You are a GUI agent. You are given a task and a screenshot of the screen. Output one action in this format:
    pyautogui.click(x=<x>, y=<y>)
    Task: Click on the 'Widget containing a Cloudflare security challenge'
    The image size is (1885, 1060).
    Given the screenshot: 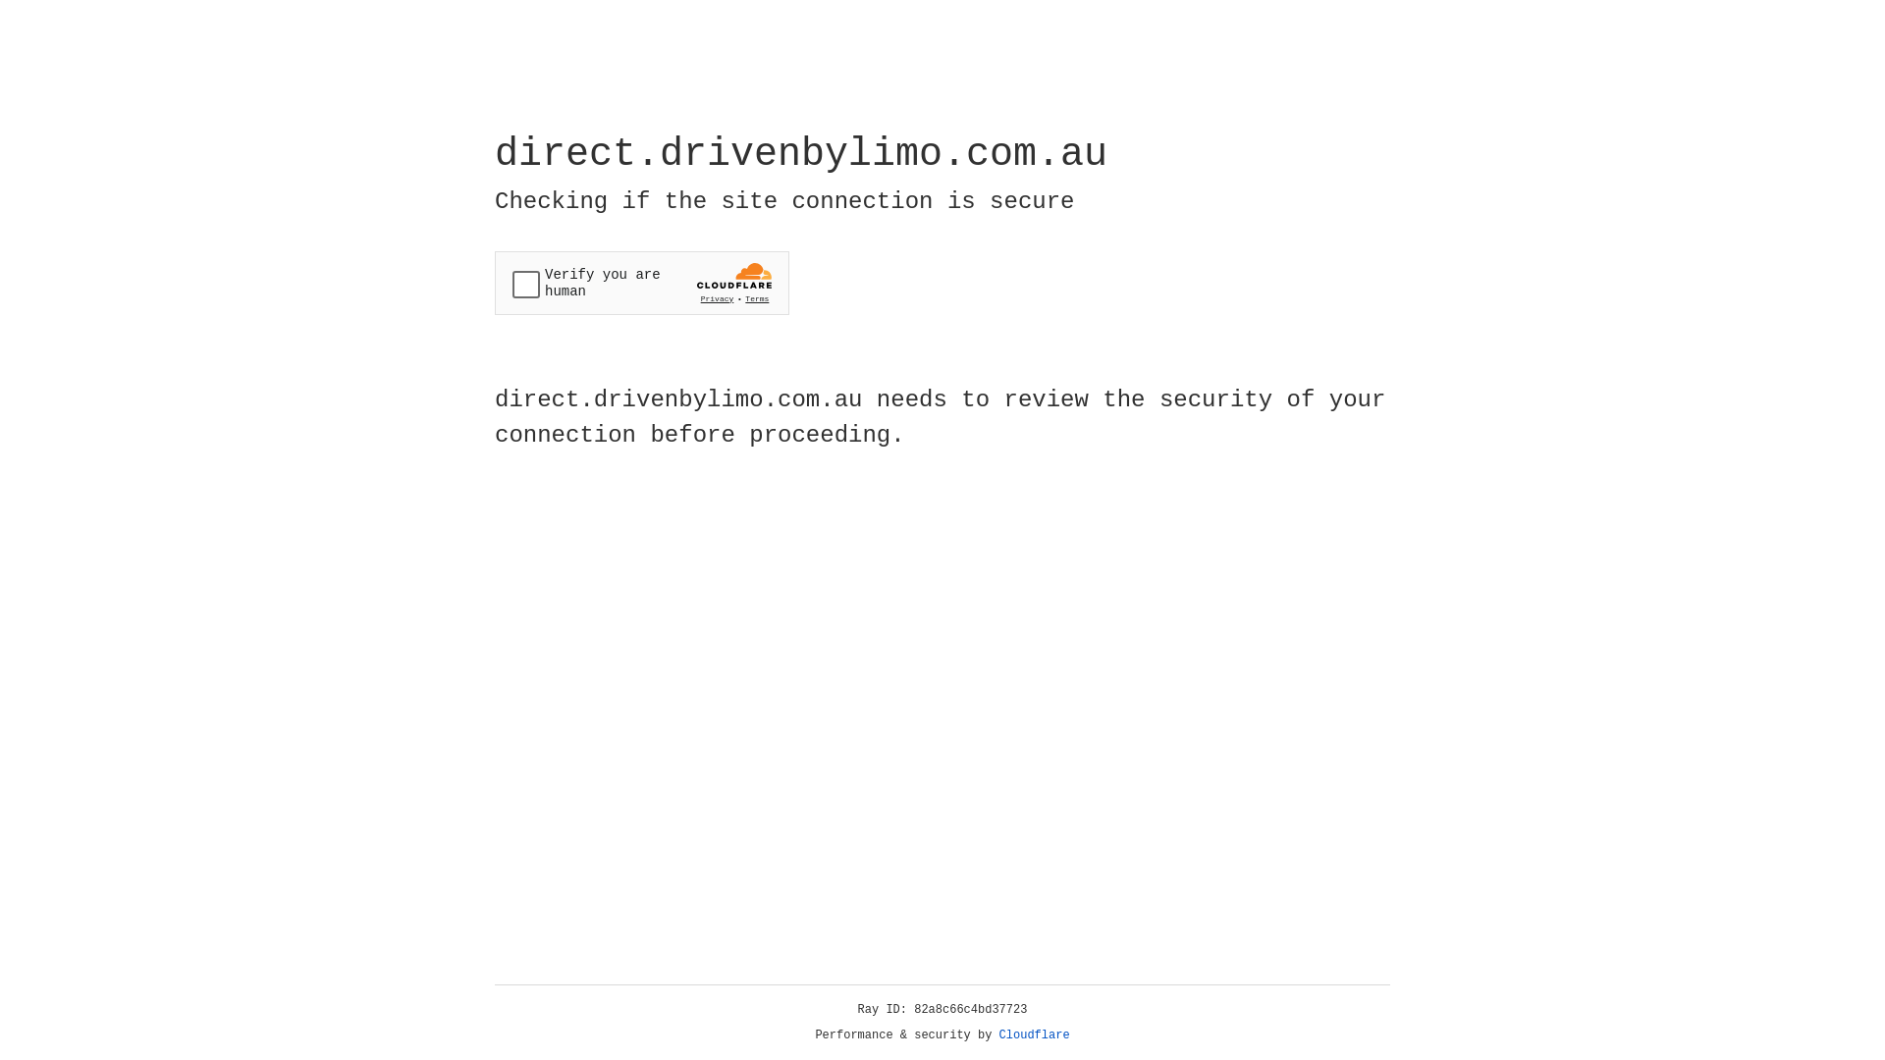 What is the action you would take?
    pyautogui.click(x=641, y=283)
    